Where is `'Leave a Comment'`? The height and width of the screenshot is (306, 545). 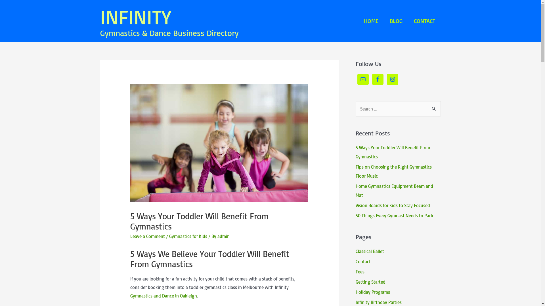
'Leave a Comment' is located at coordinates (147, 236).